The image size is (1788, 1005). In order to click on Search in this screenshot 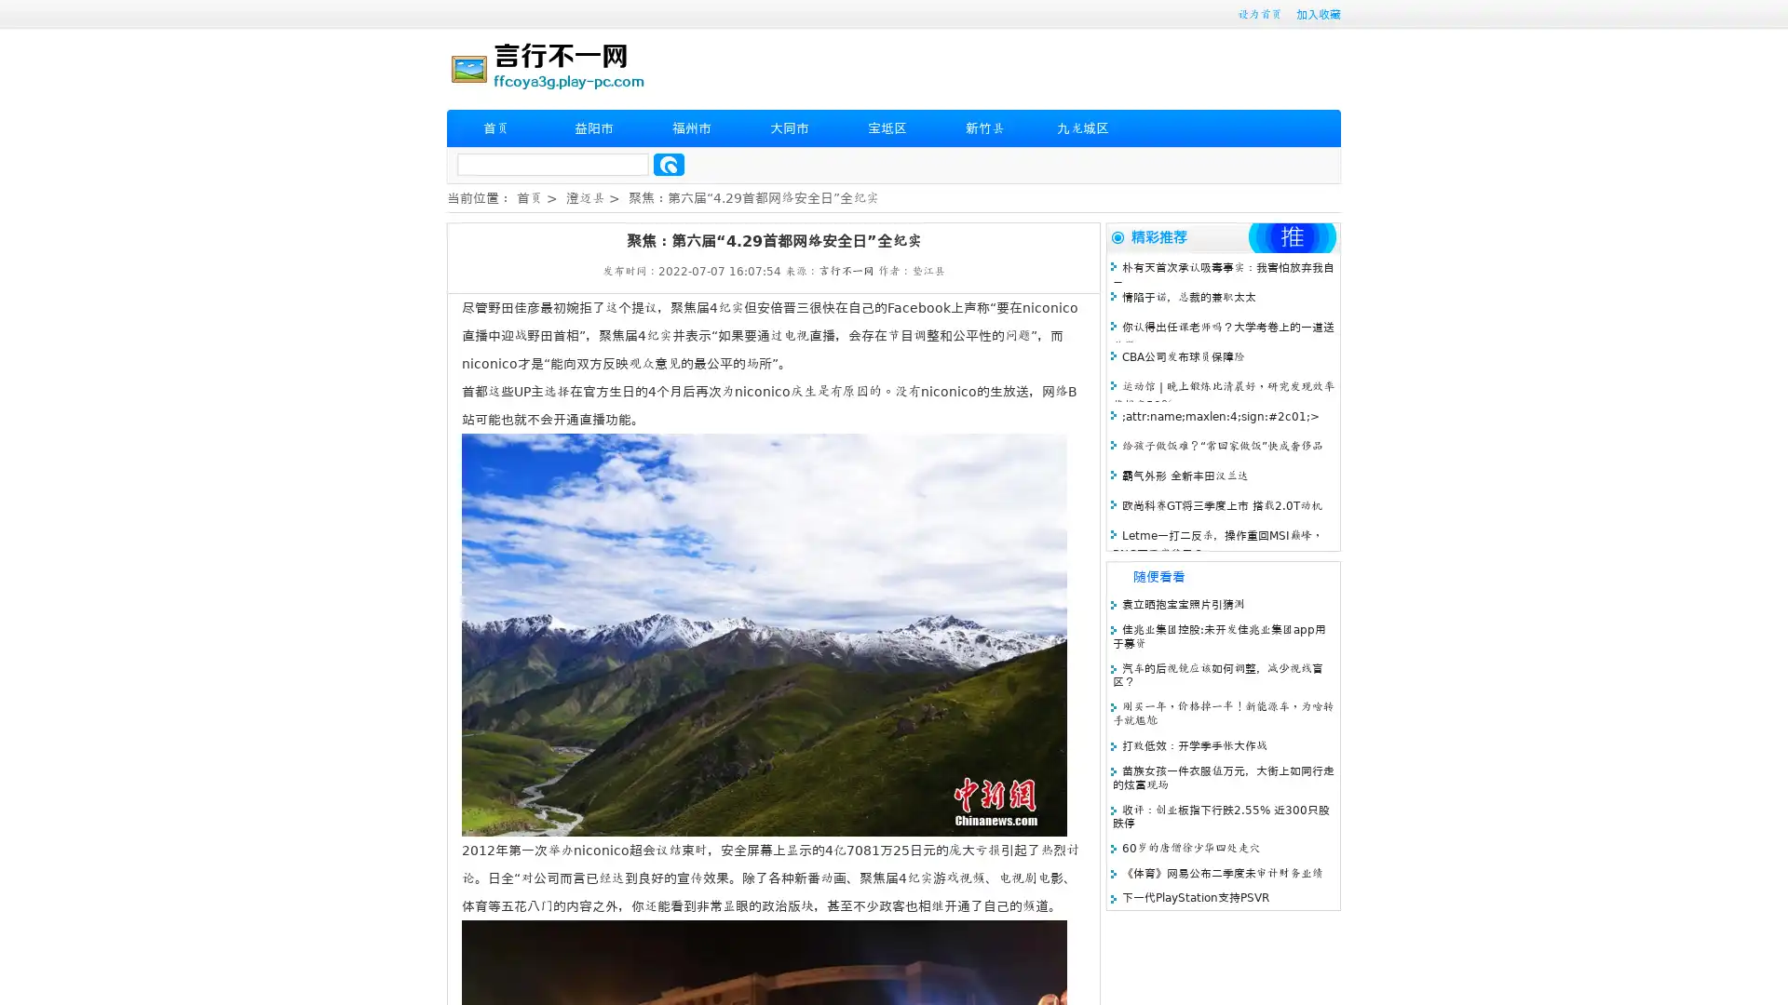, I will do `click(669, 164)`.